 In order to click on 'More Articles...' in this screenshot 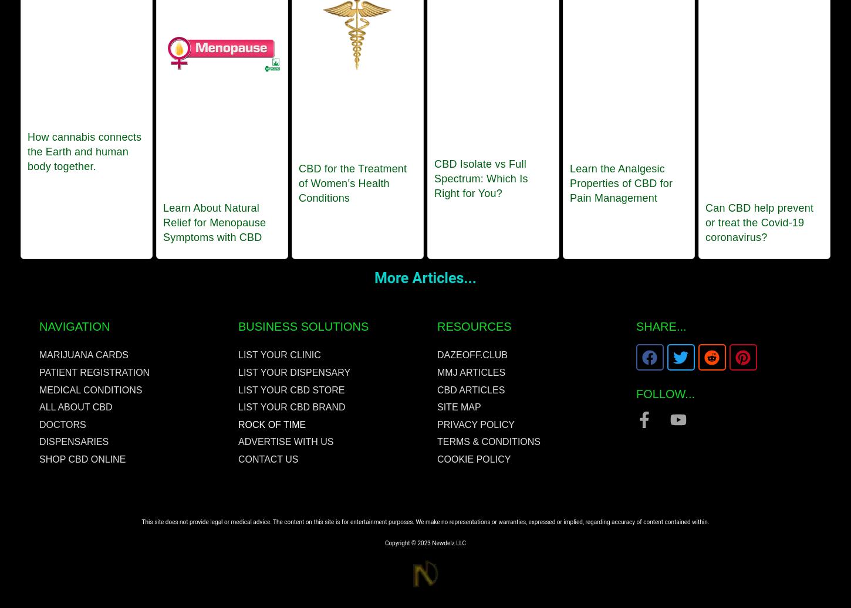, I will do `click(424, 277)`.